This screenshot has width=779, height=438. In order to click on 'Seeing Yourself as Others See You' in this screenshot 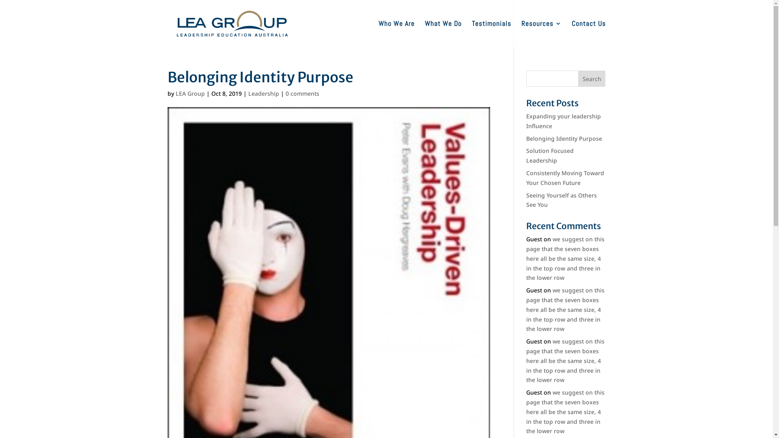, I will do `click(526, 200)`.